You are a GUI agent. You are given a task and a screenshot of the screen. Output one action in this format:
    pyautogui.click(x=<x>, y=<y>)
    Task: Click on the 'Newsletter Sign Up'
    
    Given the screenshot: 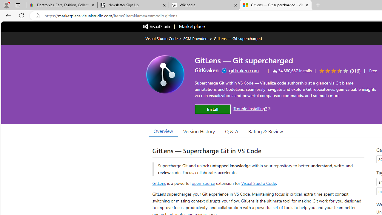 What is the action you would take?
    pyautogui.click(x=133, y=5)
    